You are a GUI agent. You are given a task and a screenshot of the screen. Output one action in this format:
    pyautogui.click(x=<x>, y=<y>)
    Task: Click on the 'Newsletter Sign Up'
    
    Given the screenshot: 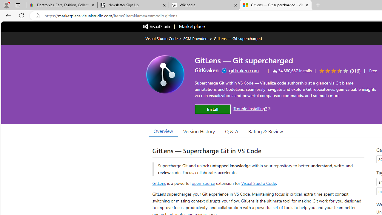 What is the action you would take?
    pyautogui.click(x=133, y=5)
    